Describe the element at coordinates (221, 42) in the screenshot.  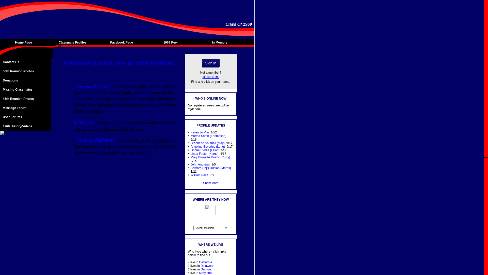
I see `'In Memory'` at that location.